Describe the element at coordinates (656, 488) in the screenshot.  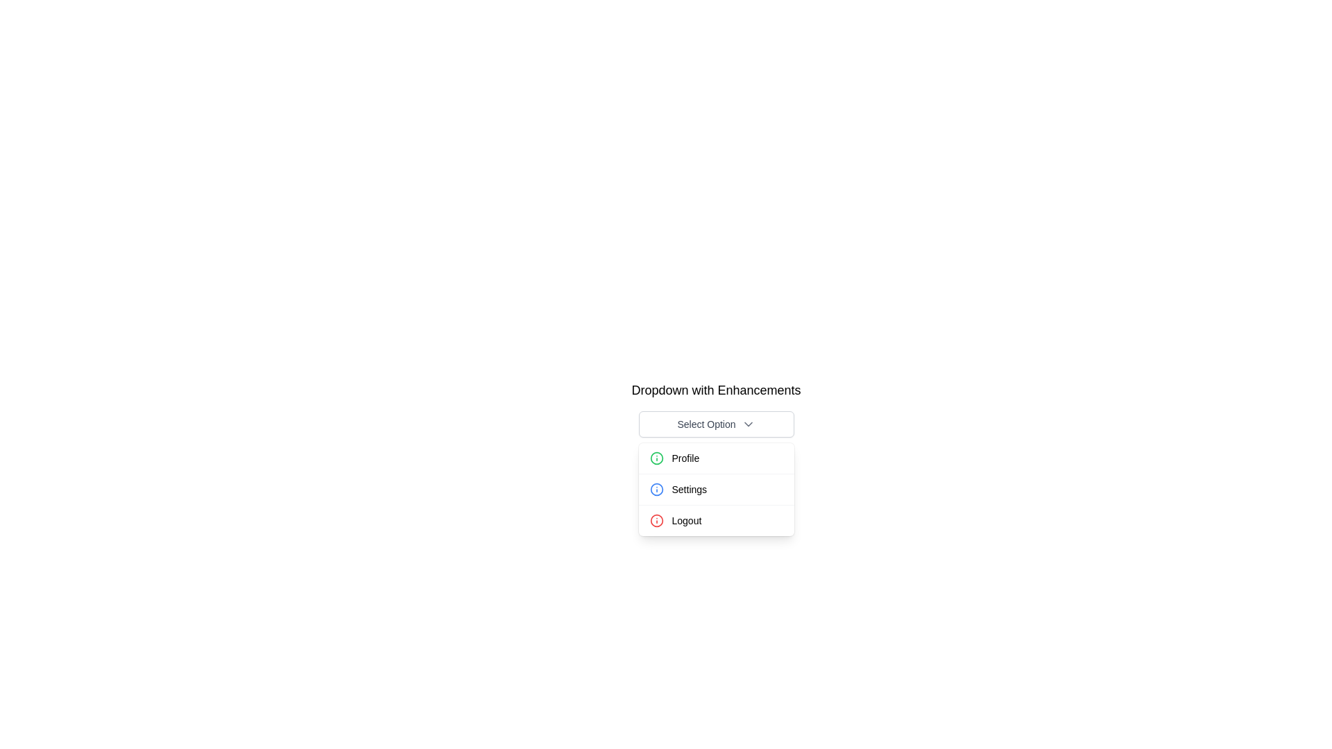
I see `the circular blue-bordered icon with a white 'i' symbol located at the beginning of the 'Settings' row in the vertical dropdown menu` at that location.